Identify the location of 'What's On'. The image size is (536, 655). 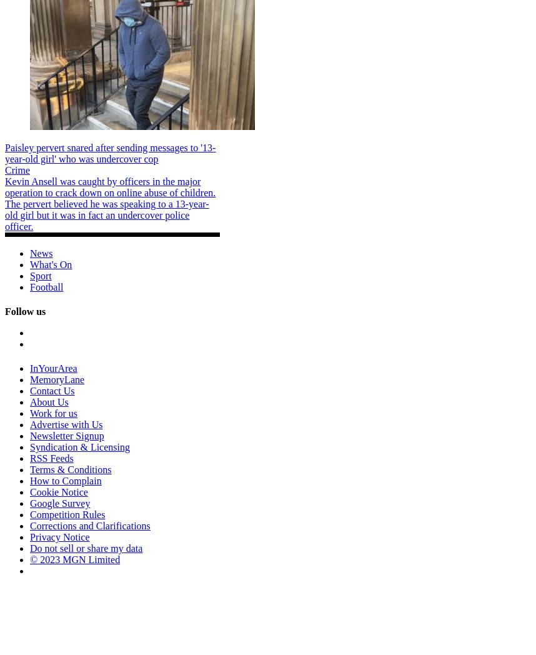
(50, 264).